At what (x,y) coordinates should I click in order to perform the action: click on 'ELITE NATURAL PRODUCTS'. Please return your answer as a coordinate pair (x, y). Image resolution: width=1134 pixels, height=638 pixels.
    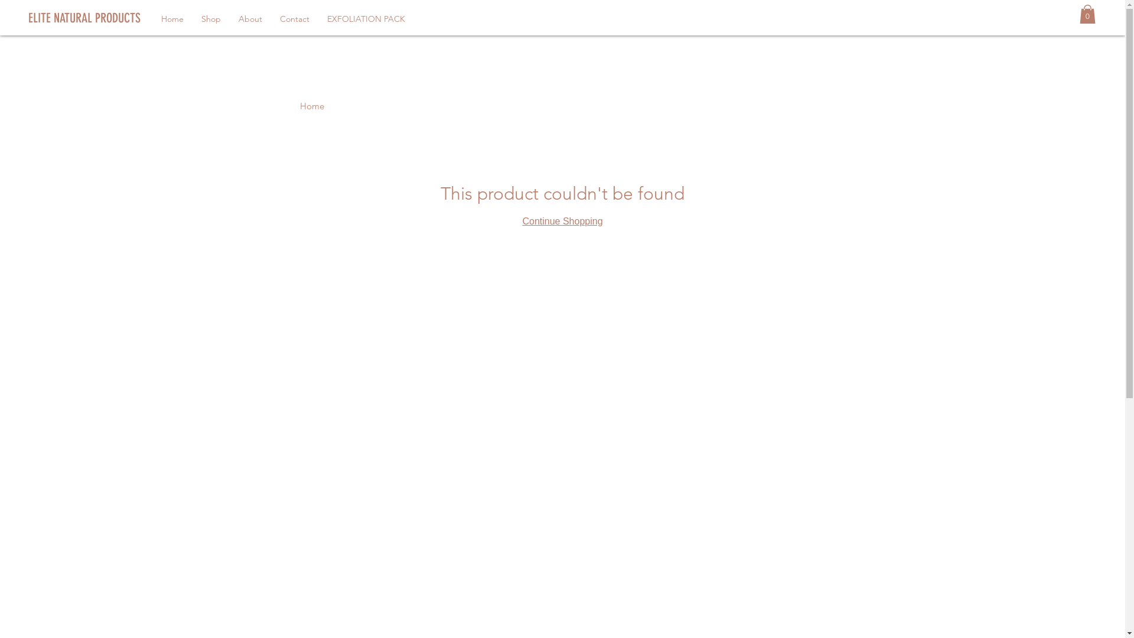
    Looking at the image, I should click on (116, 18).